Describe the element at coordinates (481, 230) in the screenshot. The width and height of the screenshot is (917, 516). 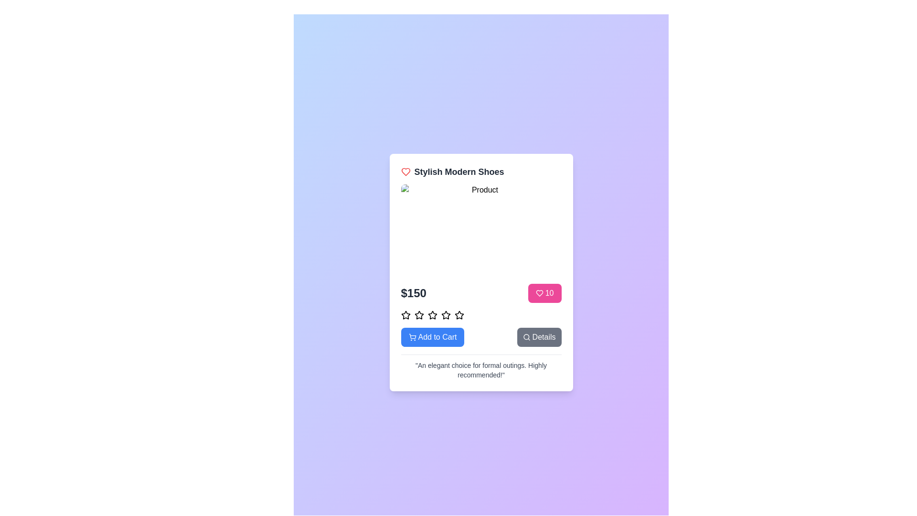
I see `the image placeholder for 'Product' located below the title 'Stylish Modern Shoes'` at that location.